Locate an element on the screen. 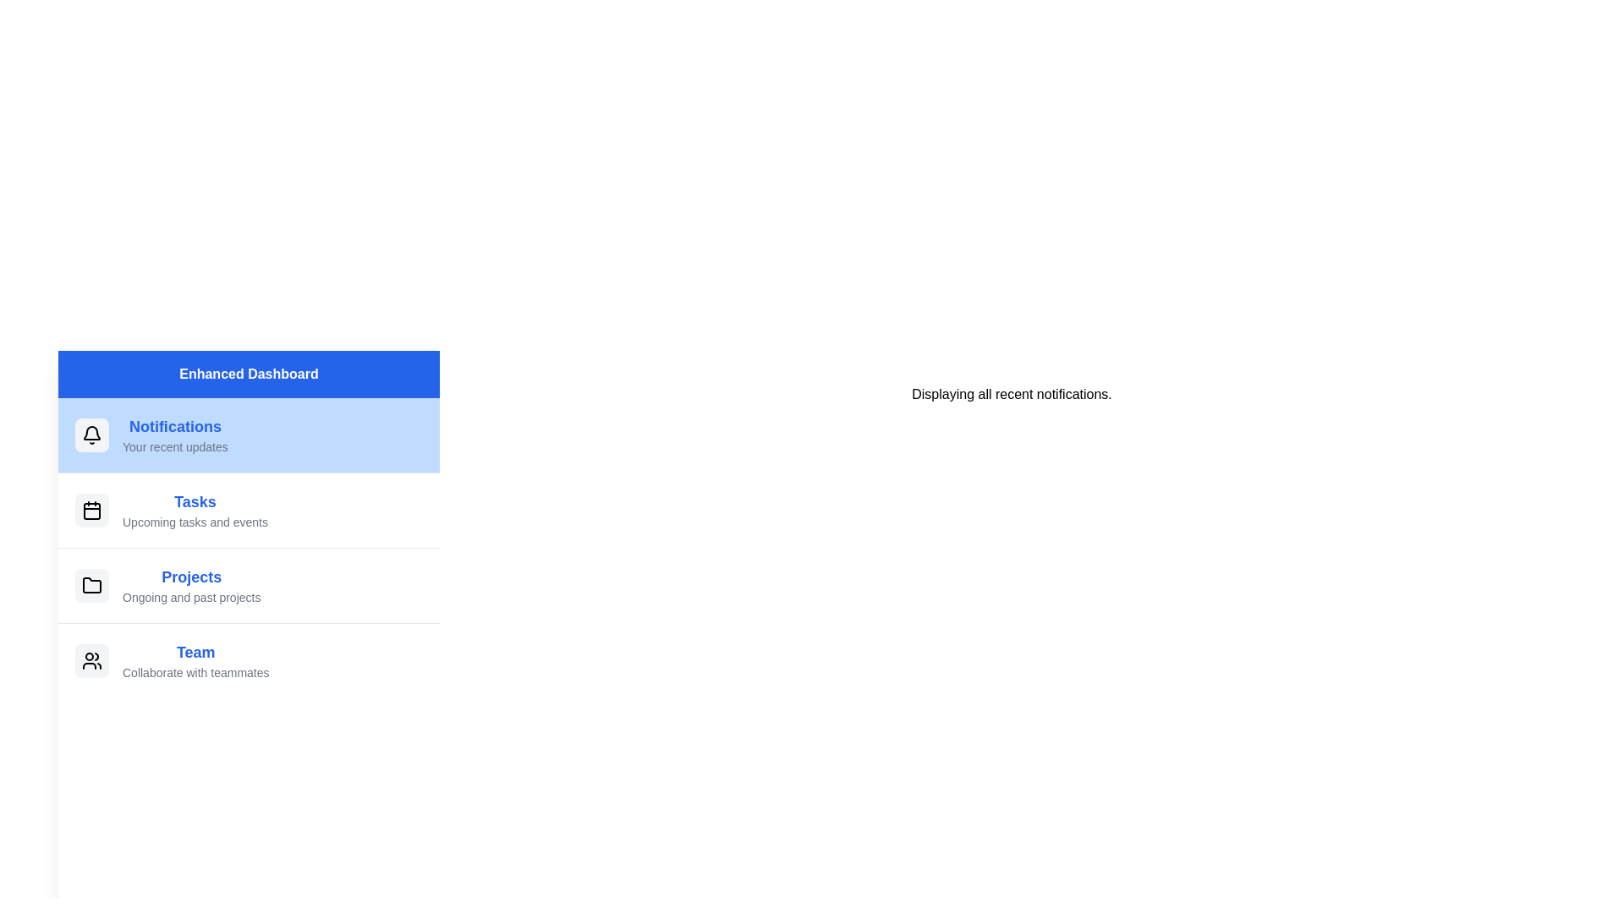  the icon next to the menu item labeled 'Team' is located at coordinates (91, 660).